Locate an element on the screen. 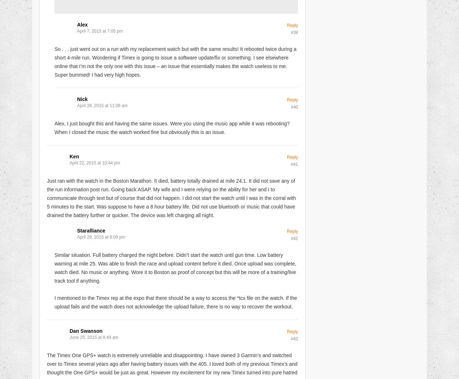 Image resolution: width=459 pixels, height=379 pixels. '#41' is located at coordinates (290, 164).